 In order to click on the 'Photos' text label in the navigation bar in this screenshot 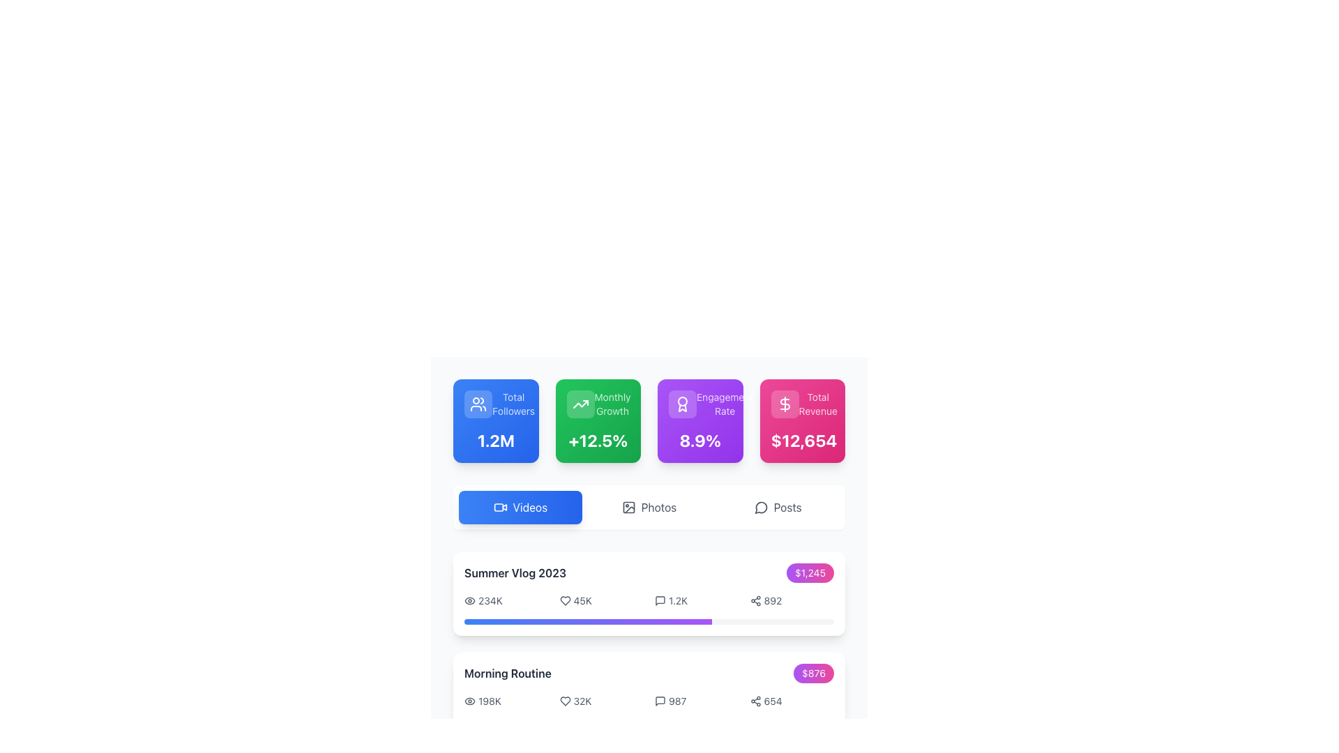, I will do `click(658, 508)`.